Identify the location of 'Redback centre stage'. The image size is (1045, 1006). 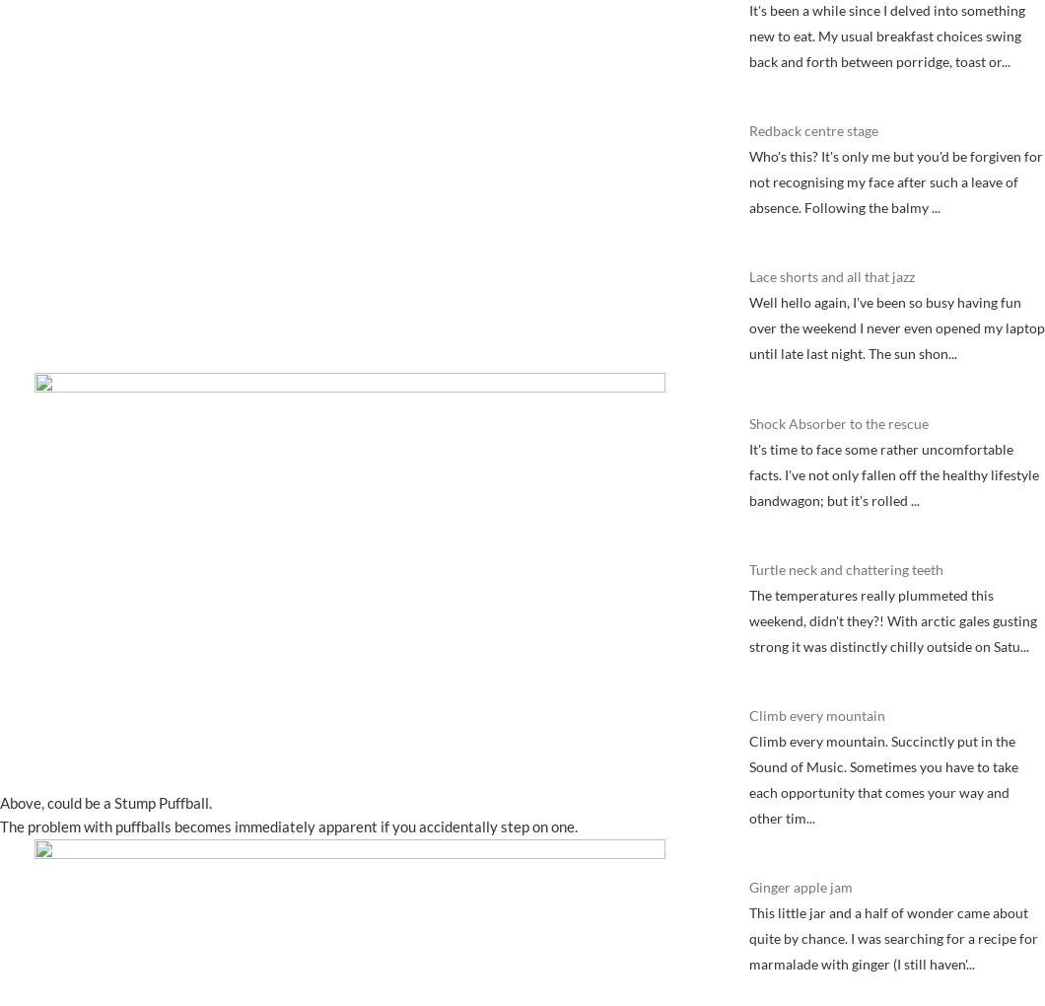
(813, 130).